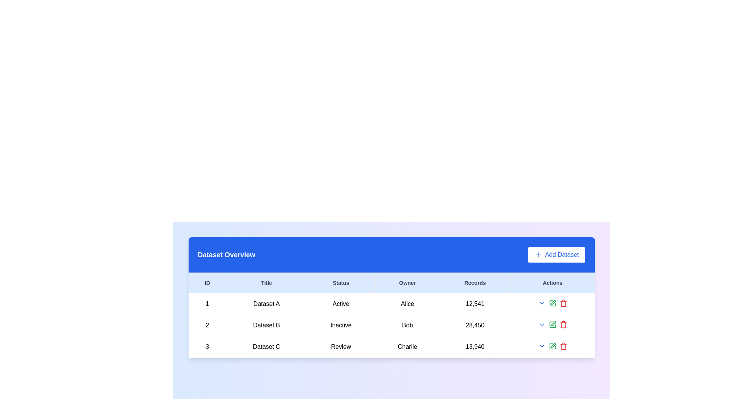  What do you see at coordinates (554, 302) in the screenshot?
I see `the pen icon in the 'Actions' column of the data table` at bounding box center [554, 302].